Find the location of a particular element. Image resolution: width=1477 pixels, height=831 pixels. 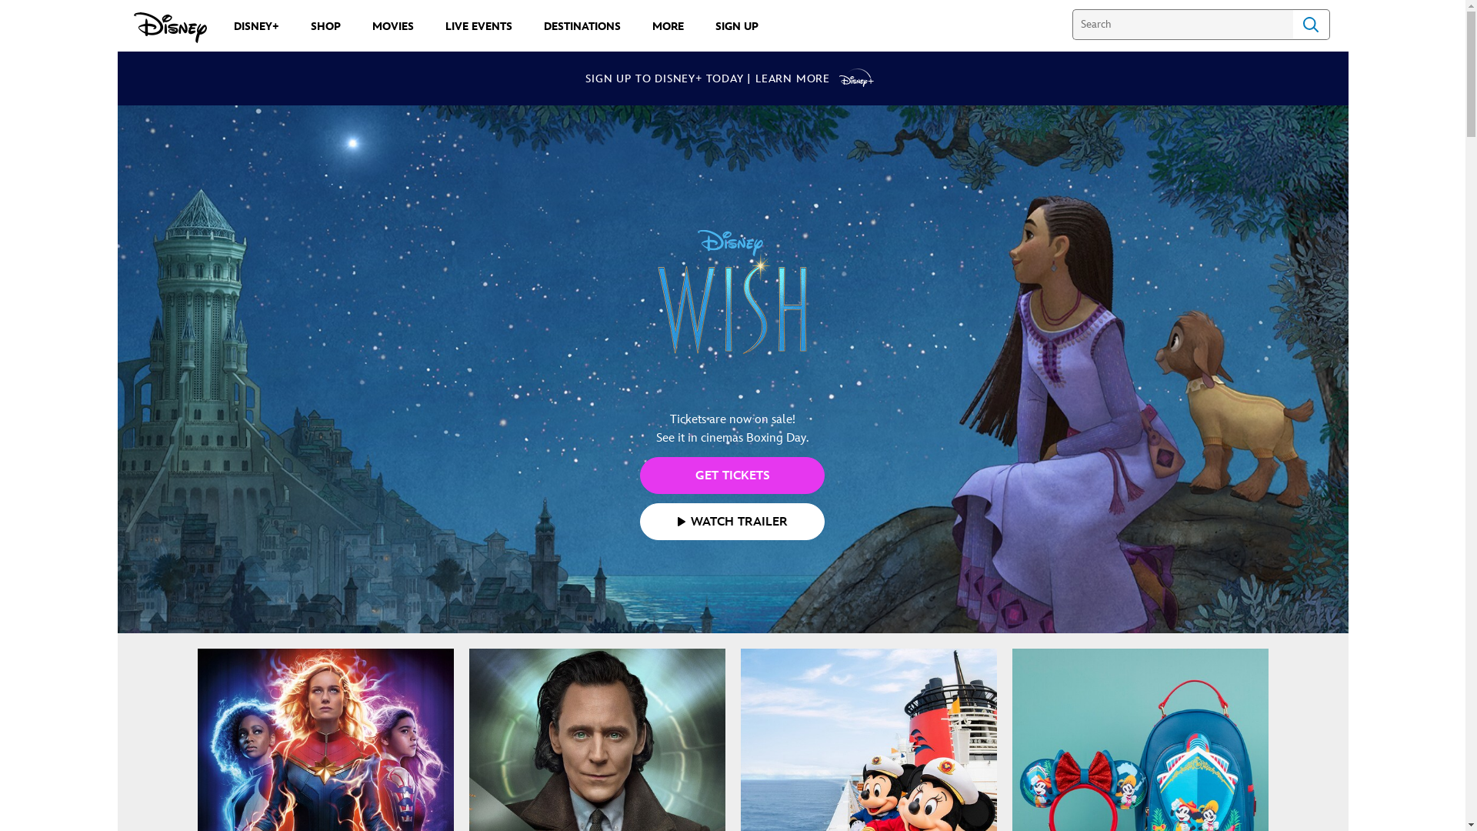

'GET TICKETS' is located at coordinates (639, 474).